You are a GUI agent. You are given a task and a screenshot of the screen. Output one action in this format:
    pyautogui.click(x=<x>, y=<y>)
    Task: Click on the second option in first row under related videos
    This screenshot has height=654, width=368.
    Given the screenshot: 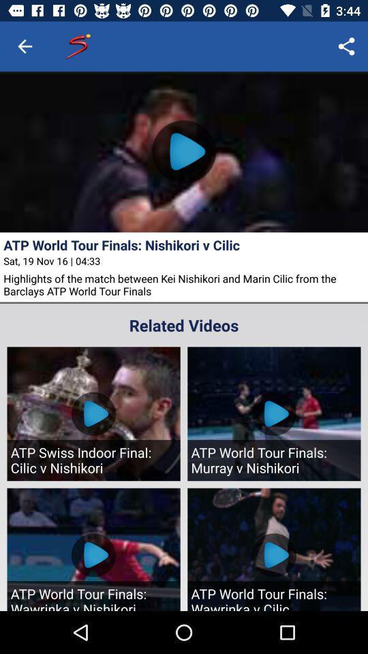 What is the action you would take?
    pyautogui.click(x=274, y=413)
    